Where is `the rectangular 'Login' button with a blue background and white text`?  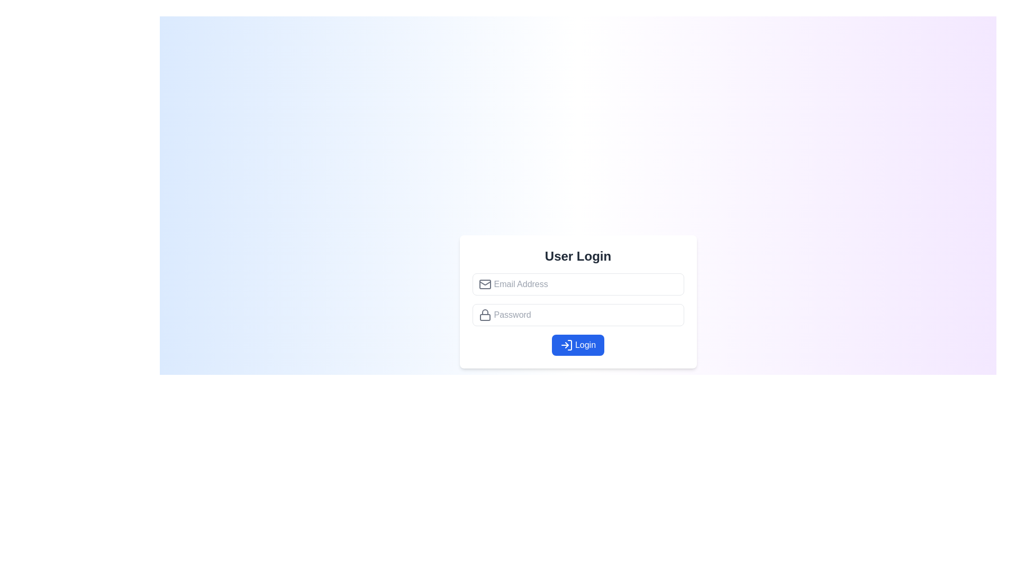
the rectangular 'Login' button with a blue background and white text is located at coordinates (577, 345).